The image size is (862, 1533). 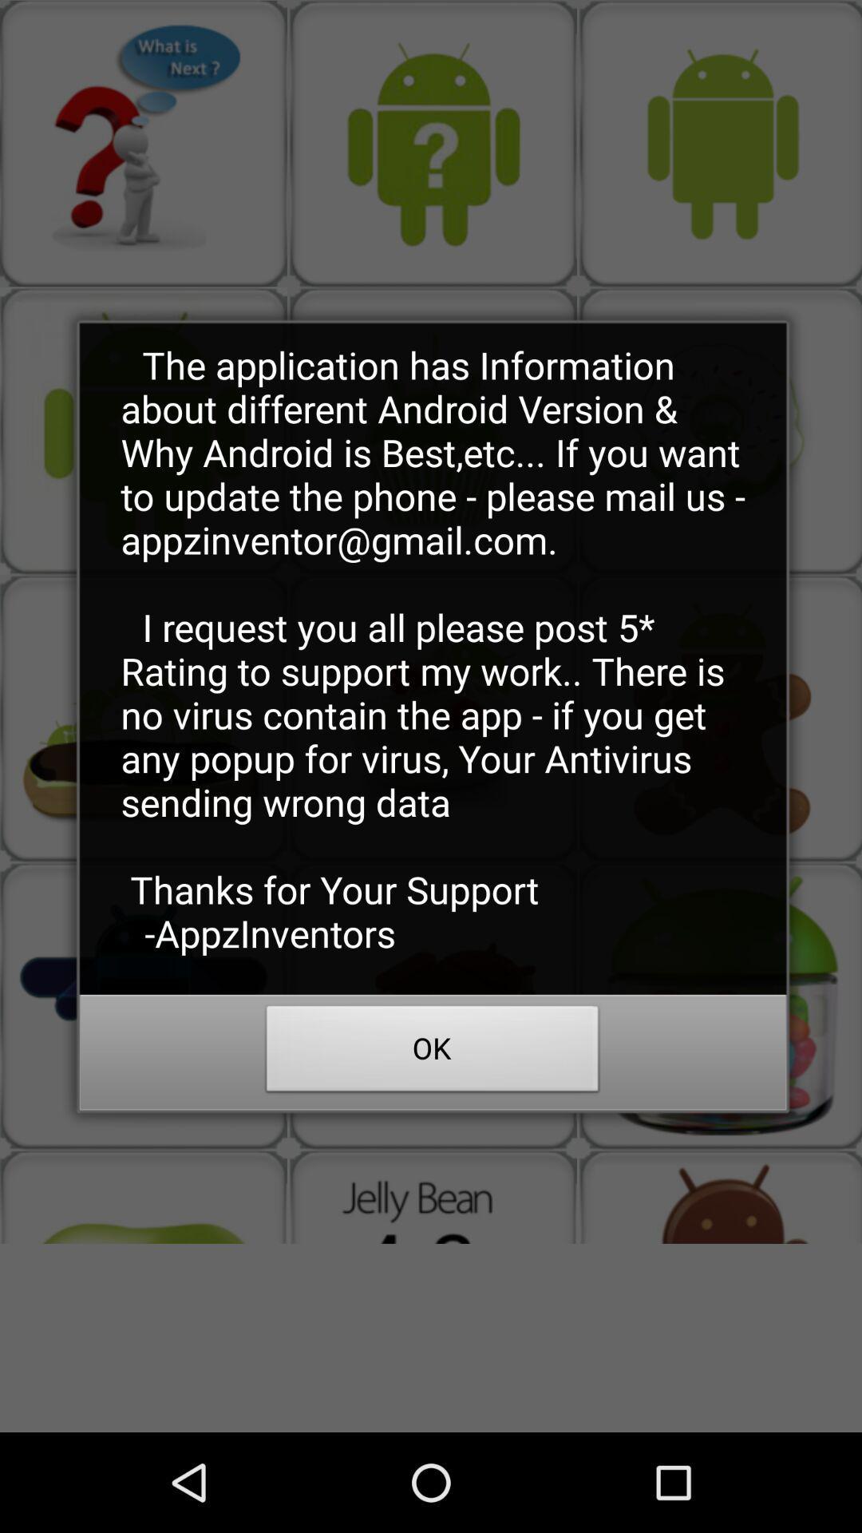 I want to click on ok at the bottom, so click(x=433, y=1053).